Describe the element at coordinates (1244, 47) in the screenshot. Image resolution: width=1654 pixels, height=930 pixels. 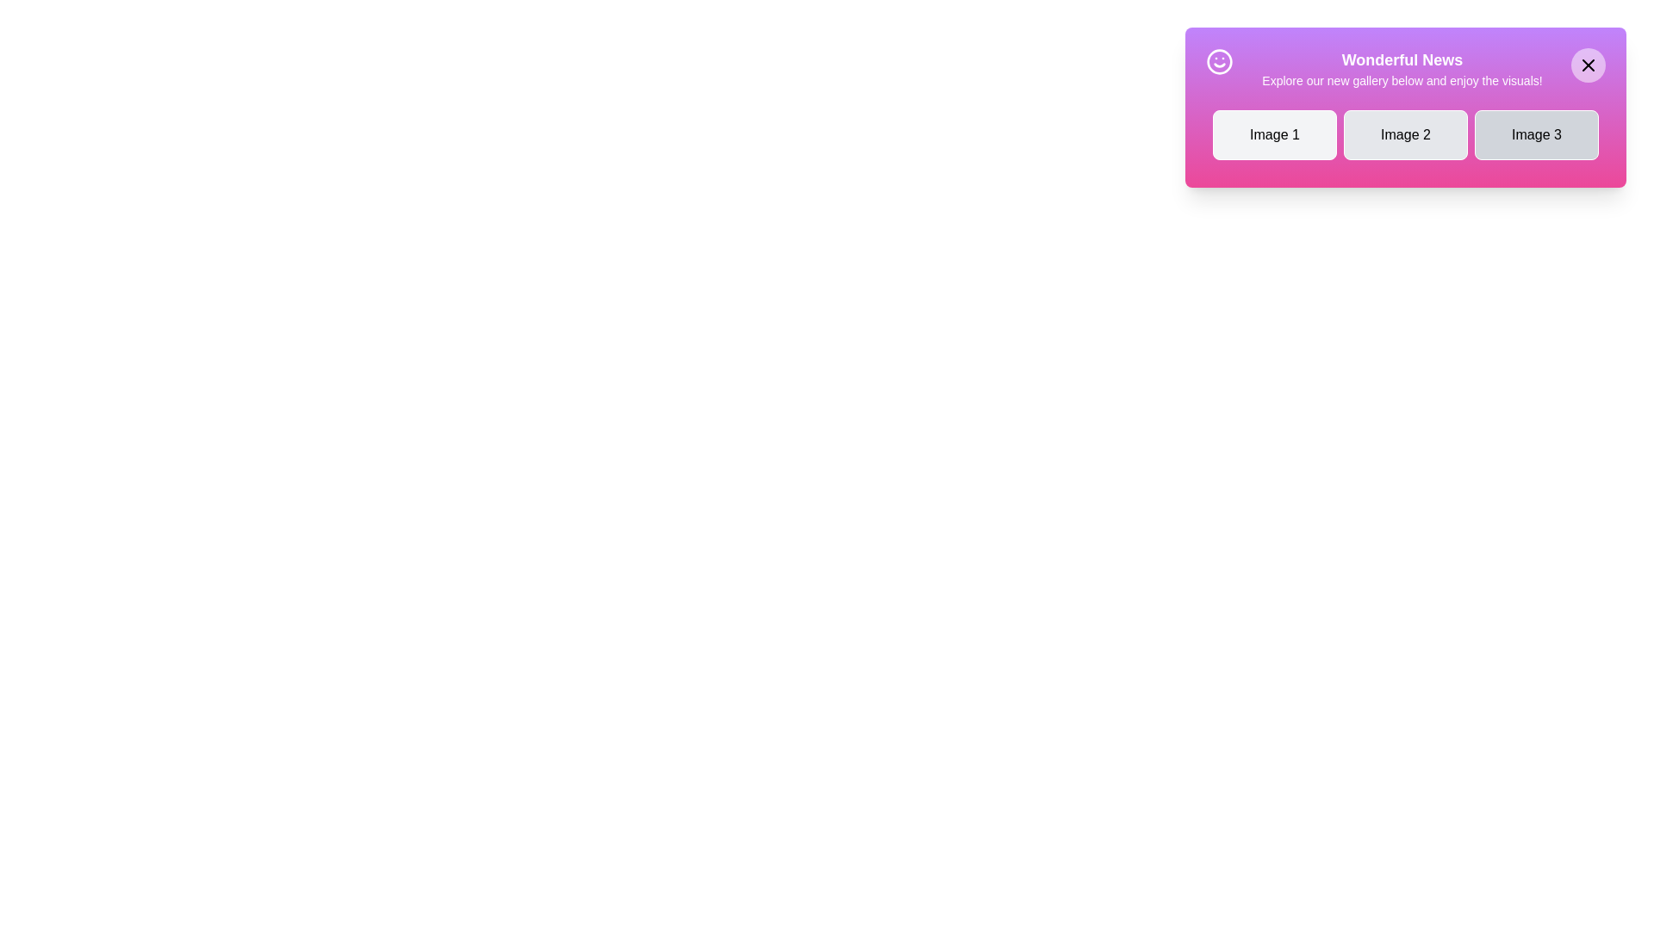
I see `the text in the snackbar by selecting it` at that location.